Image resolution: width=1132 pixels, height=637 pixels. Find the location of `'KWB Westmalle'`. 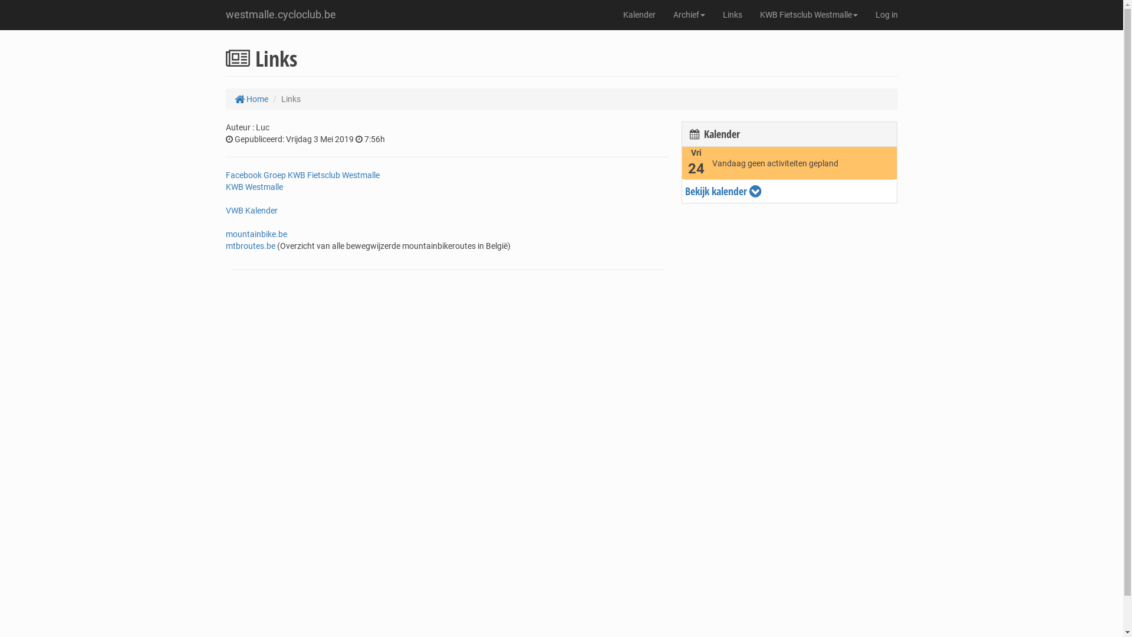

'KWB Westmalle' is located at coordinates (253, 186).